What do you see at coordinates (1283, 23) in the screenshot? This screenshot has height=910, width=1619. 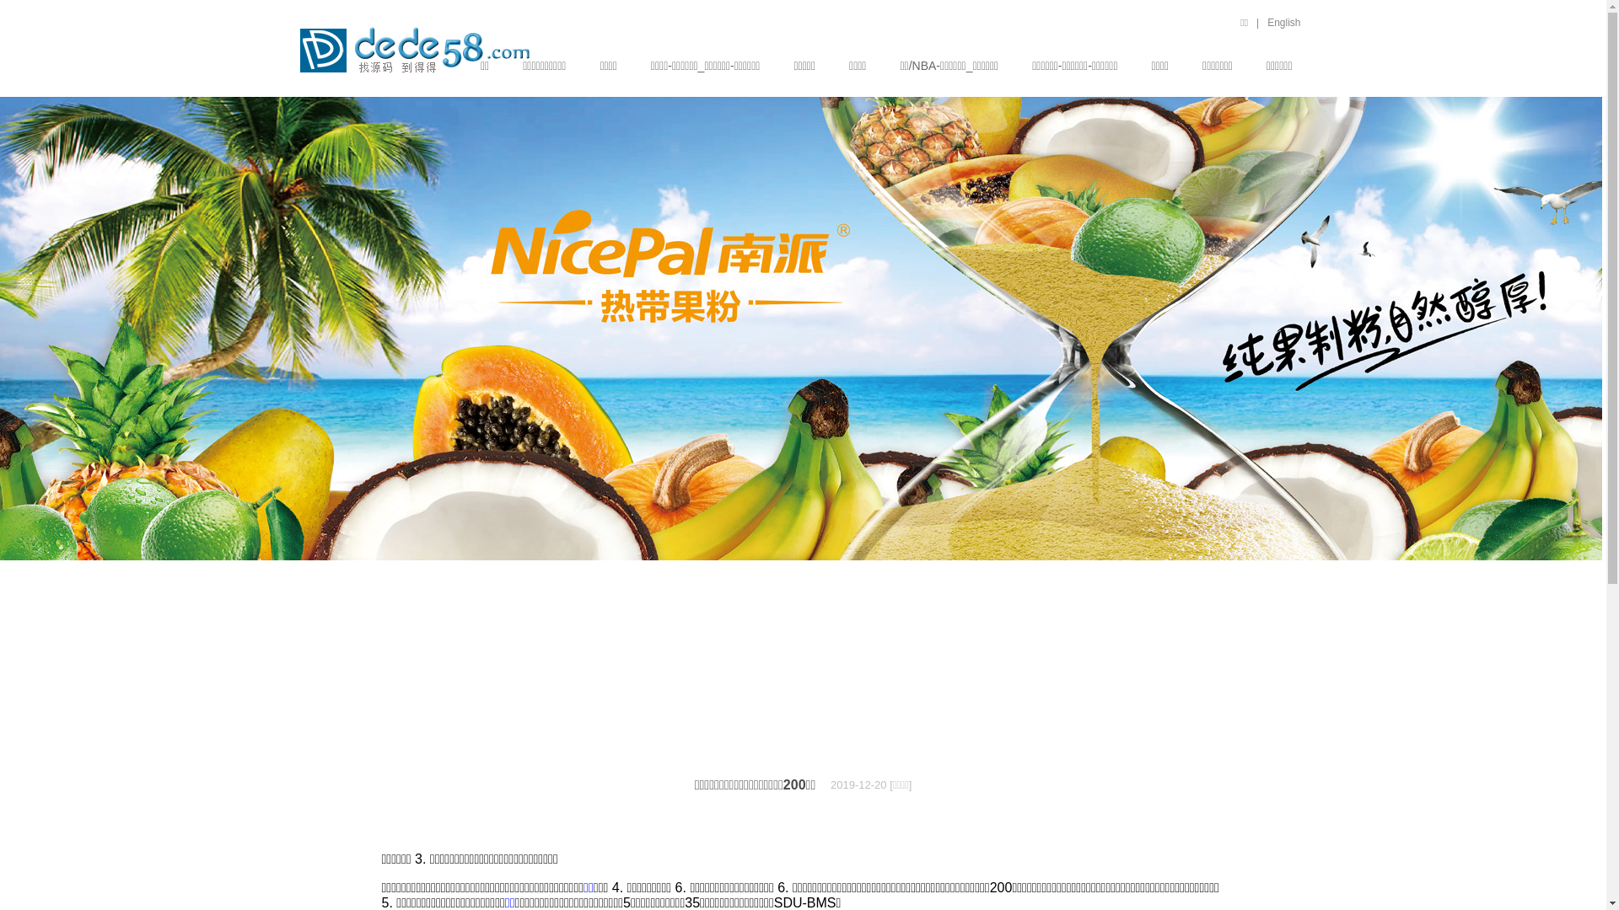 I see `'English'` at bounding box center [1283, 23].